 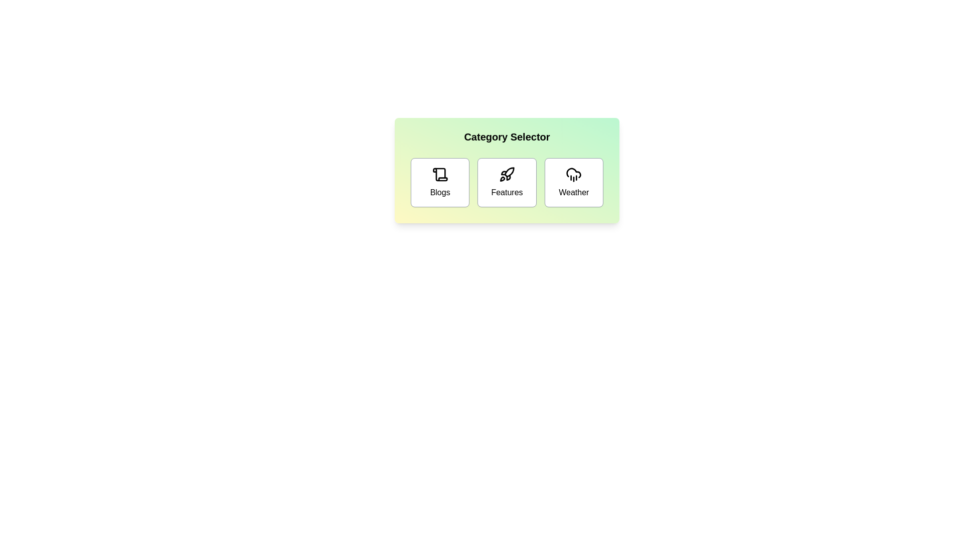 What do you see at coordinates (573, 182) in the screenshot?
I see `the 'Weather' button to select the Weather category` at bounding box center [573, 182].